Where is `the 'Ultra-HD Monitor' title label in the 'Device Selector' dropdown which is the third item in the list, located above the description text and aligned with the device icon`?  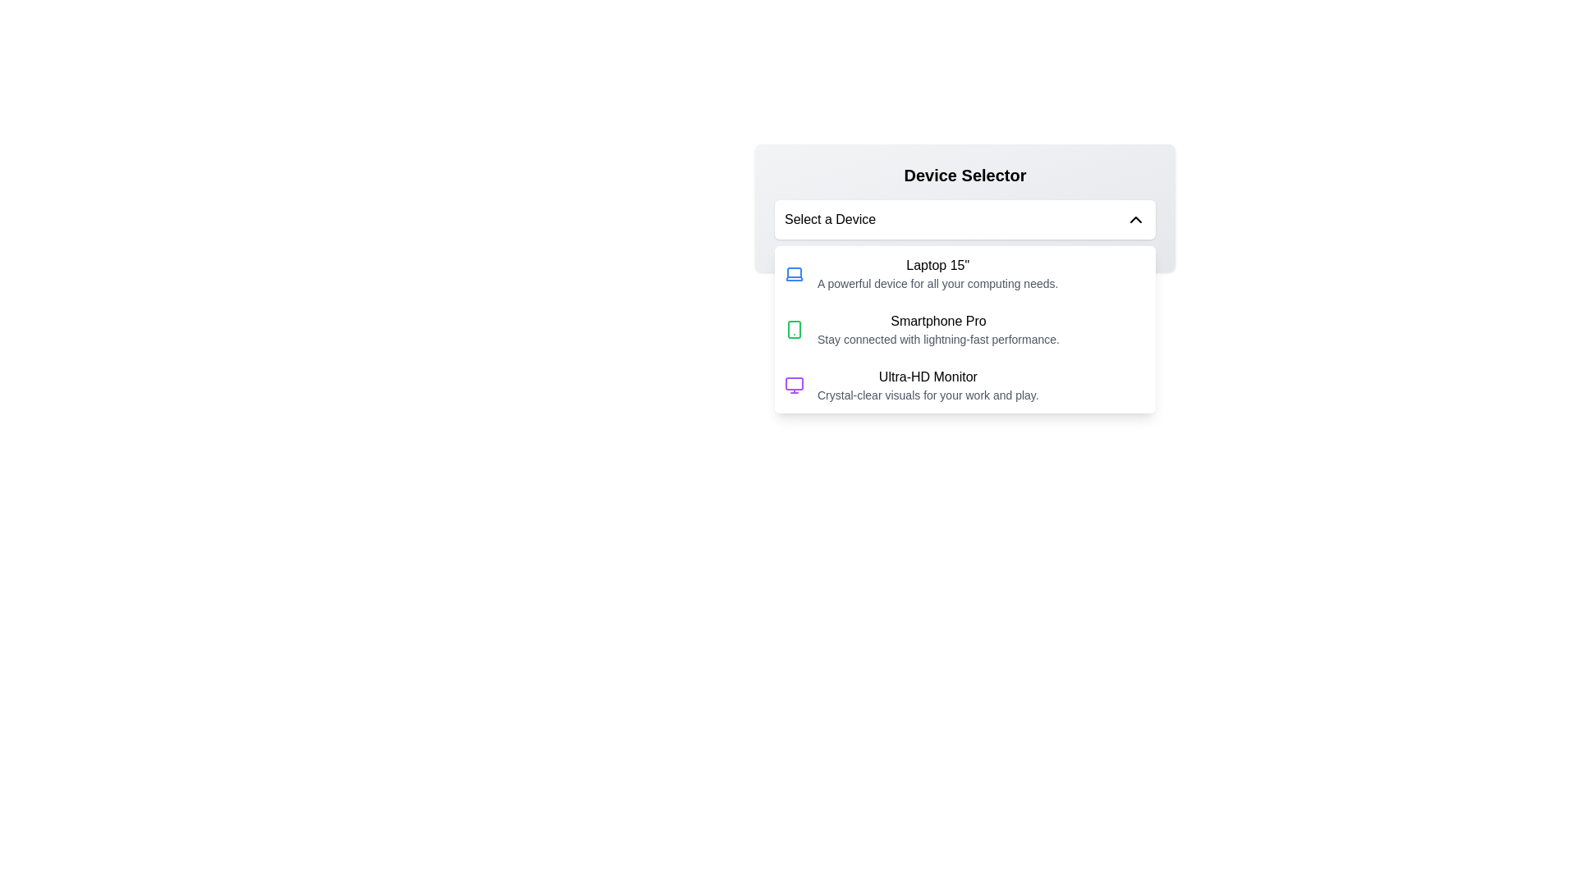 the 'Ultra-HD Monitor' title label in the 'Device Selector' dropdown which is the third item in the list, located above the description text and aligned with the device icon is located at coordinates (928, 377).